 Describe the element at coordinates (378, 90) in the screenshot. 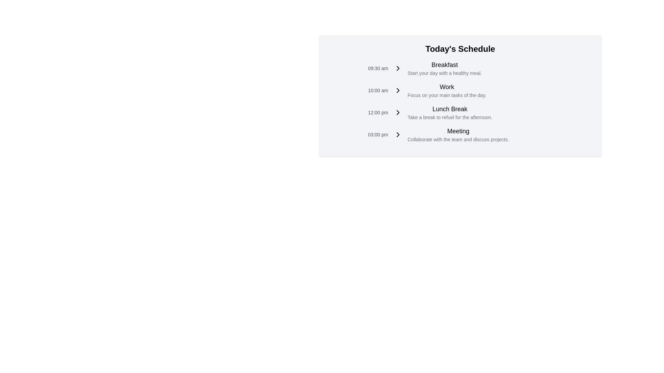

I see `the Text Label displaying the start time of the 'Work' activity, positioned between '09:30 am' and '12:00 pm'` at that location.